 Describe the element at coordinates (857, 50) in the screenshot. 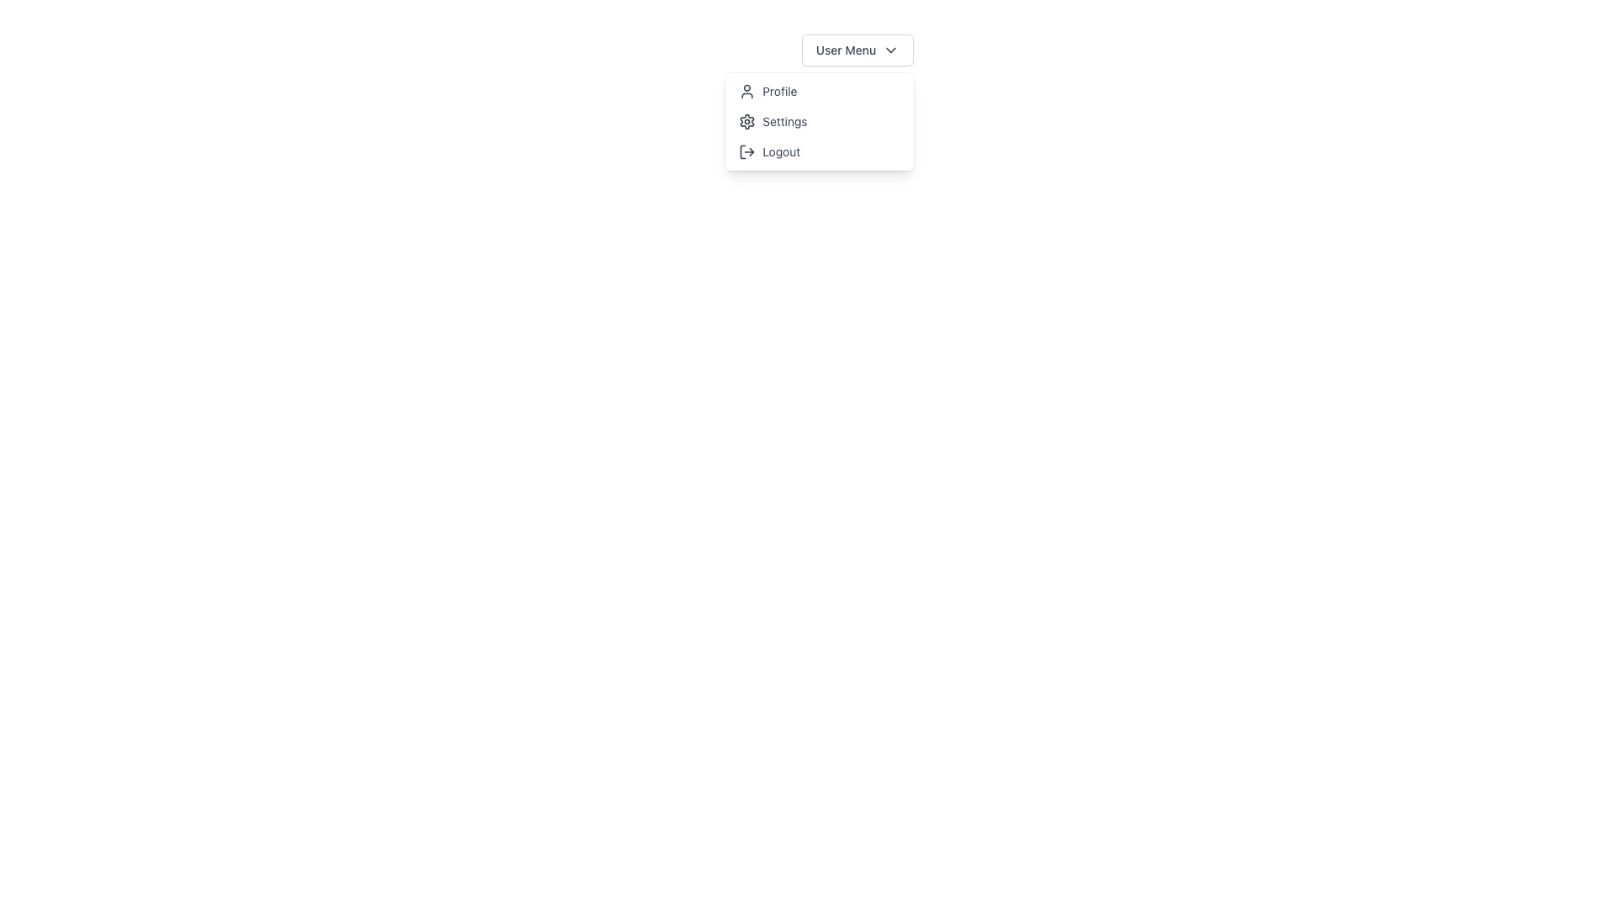

I see `the Dropdown Menu Trigger located at the top-center of the interface` at that location.